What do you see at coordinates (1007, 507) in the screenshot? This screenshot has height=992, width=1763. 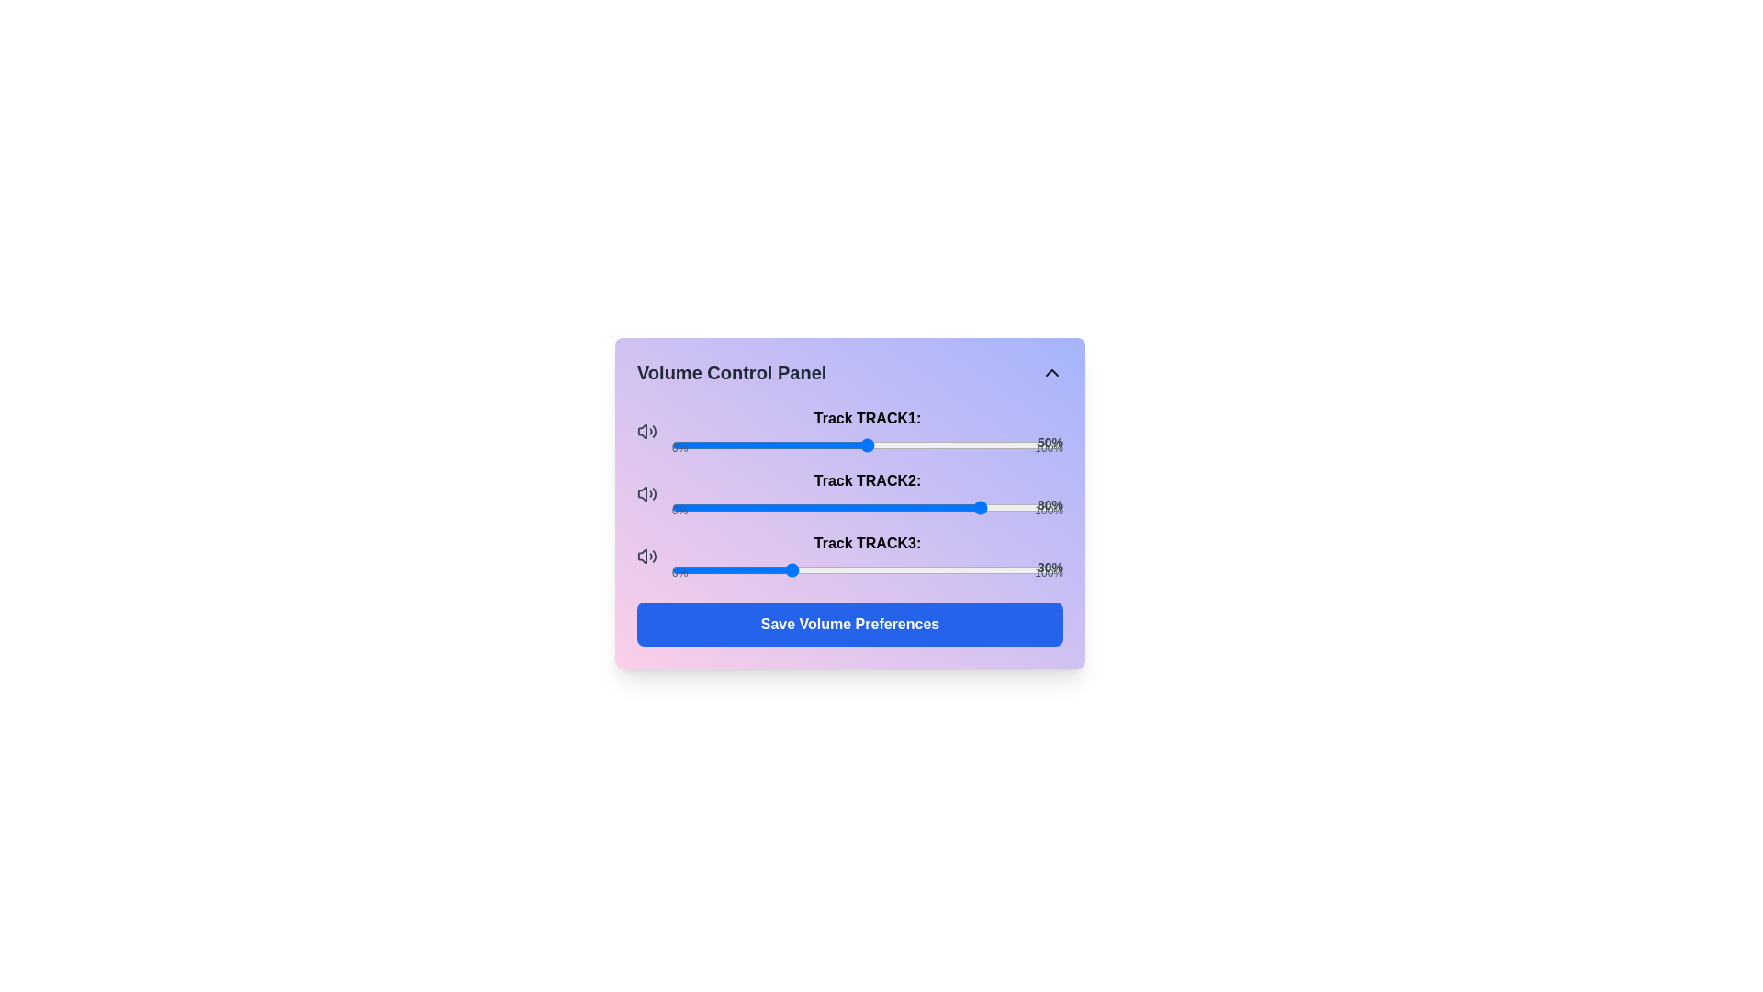 I see `the volume for Track TRACK2` at bounding box center [1007, 507].